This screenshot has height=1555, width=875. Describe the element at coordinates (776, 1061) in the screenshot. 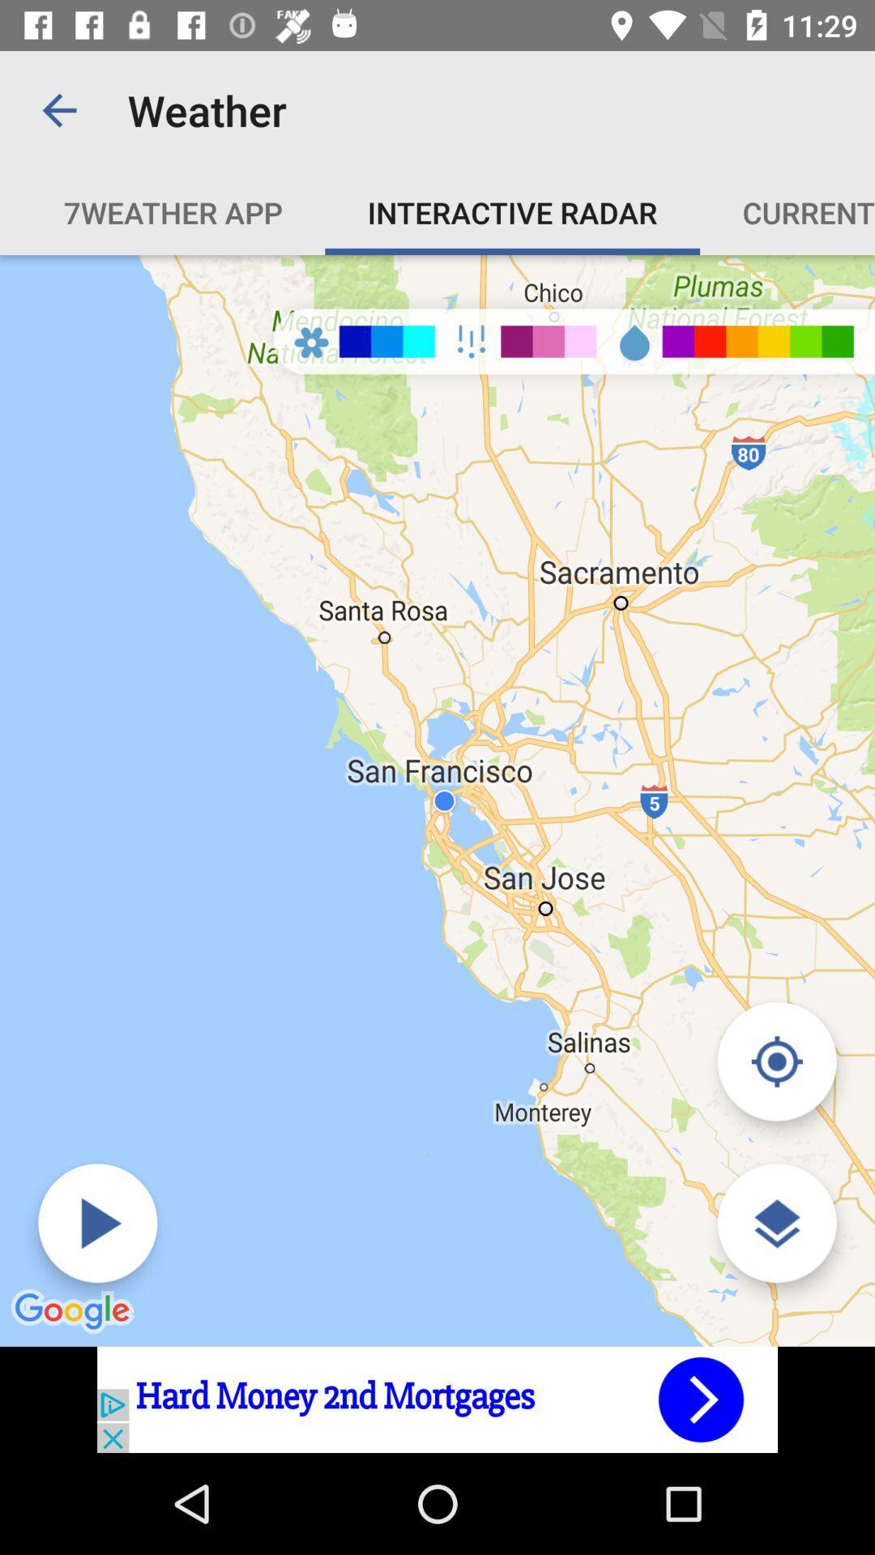

I see `change view mode` at that location.